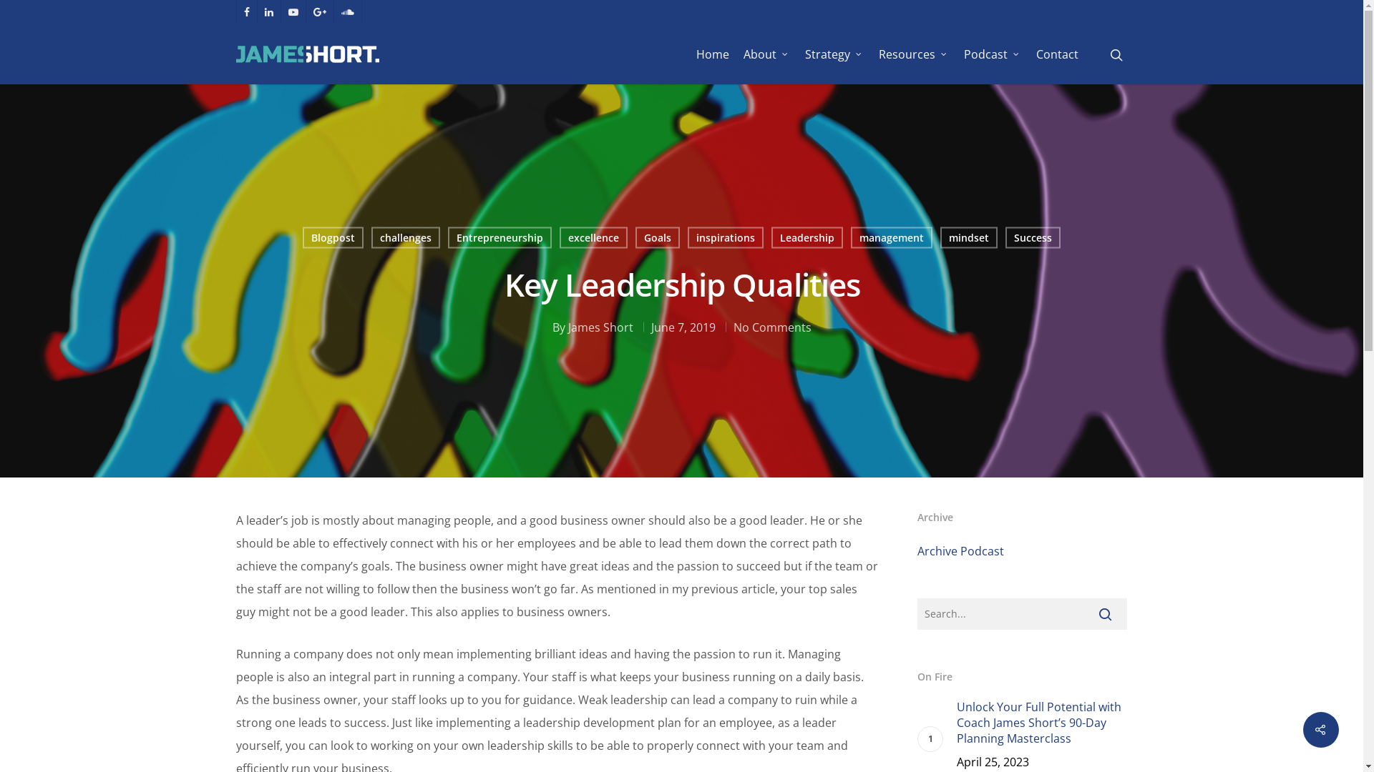 The width and height of the screenshot is (1374, 772). What do you see at coordinates (593, 237) in the screenshot?
I see `'excellence'` at bounding box center [593, 237].